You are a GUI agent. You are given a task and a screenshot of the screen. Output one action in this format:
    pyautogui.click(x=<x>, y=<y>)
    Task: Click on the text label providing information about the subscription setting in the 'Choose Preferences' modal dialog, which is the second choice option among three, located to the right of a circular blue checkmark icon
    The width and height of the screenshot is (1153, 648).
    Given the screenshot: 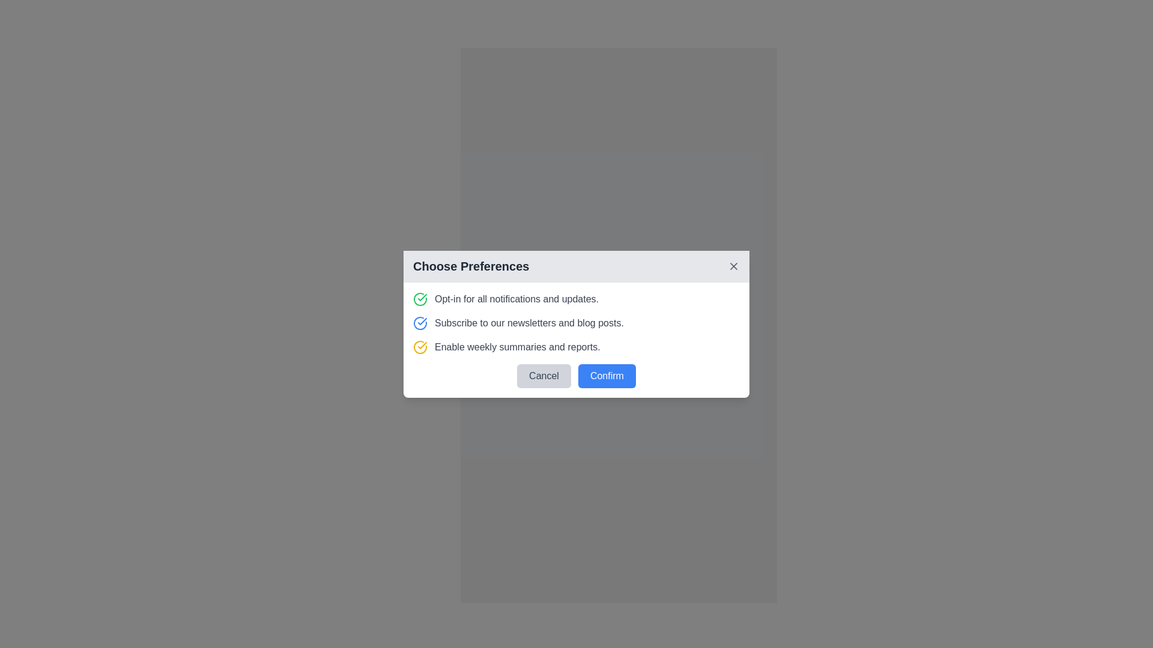 What is the action you would take?
    pyautogui.click(x=528, y=322)
    